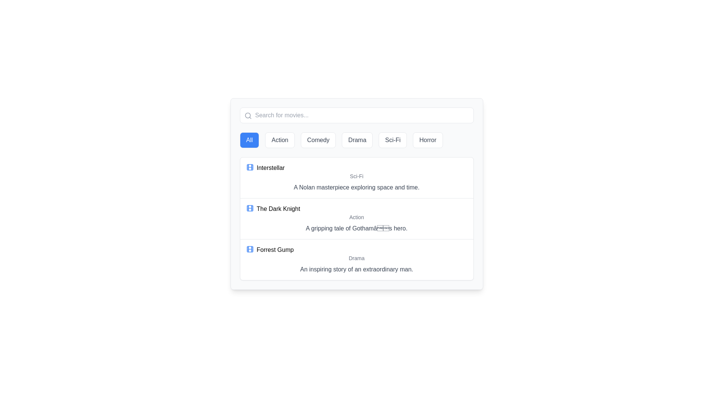 Image resolution: width=722 pixels, height=406 pixels. I want to click on the 'Comedy' button with rounded corners and gray text, which is part of the horizontal navigation list near the top center of the interface, so click(318, 140).